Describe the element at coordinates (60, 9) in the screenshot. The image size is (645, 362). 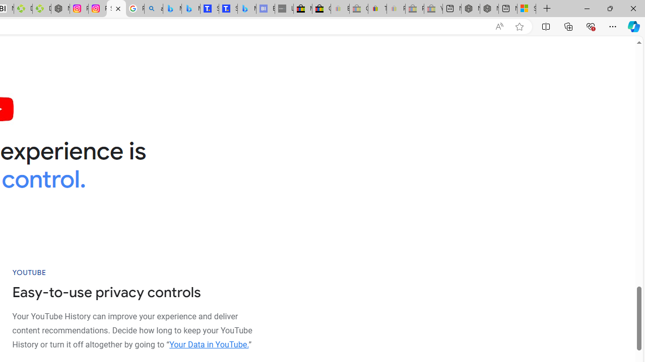
I see `'Nordace - Nordace Edin Collection'` at that location.